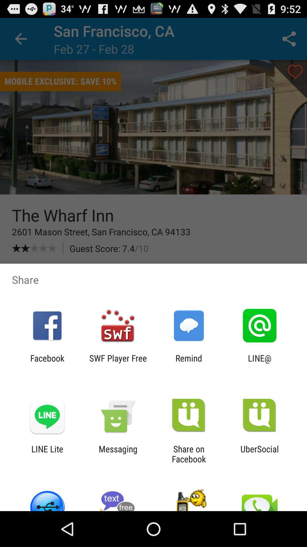 This screenshot has width=307, height=547. What do you see at coordinates (118, 454) in the screenshot?
I see `item to the left of the share on facebook item` at bounding box center [118, 454].